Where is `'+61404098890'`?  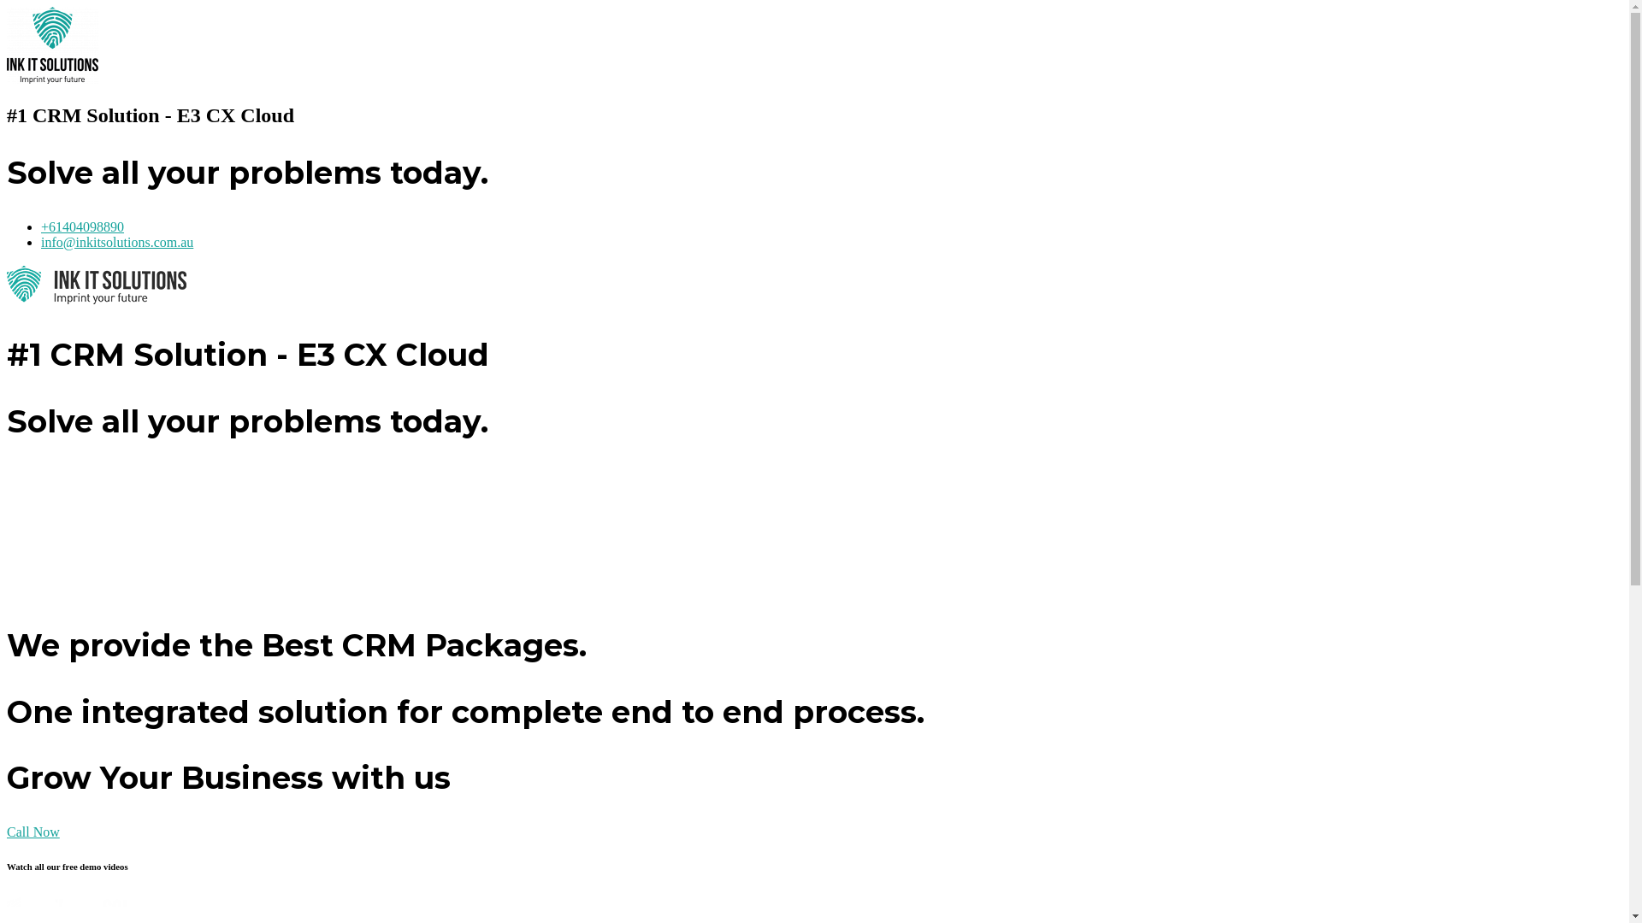
'+61404098890' is located at coordinates (81, 226).